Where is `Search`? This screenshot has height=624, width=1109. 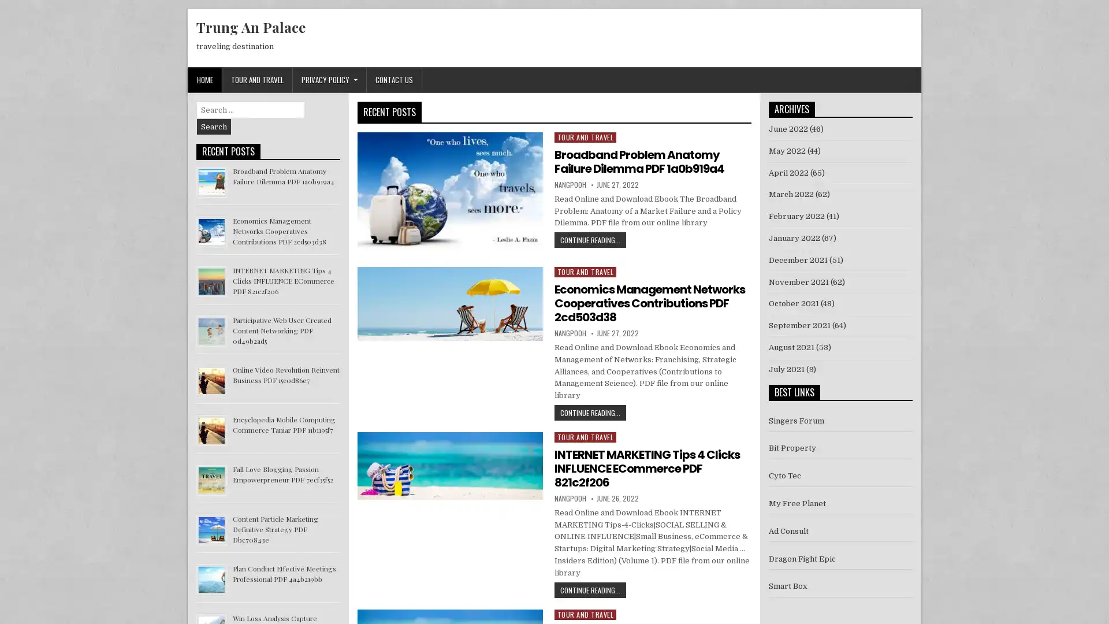 Search is located at coordinates (214, 127).